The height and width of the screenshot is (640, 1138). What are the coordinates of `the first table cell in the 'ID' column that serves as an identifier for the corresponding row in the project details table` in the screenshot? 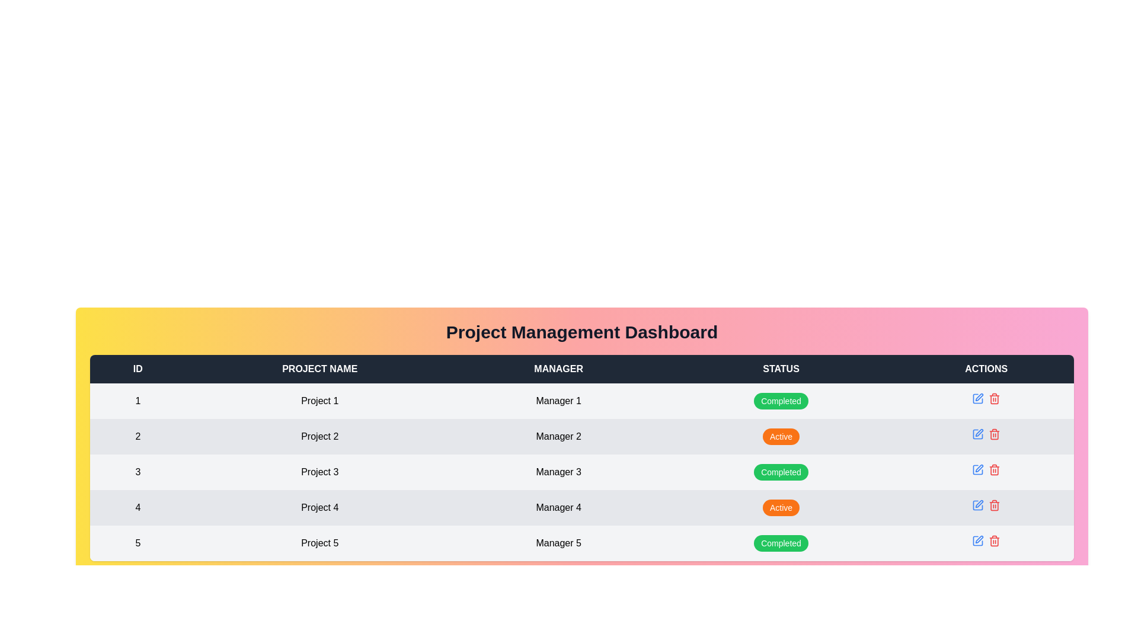 It's located at (138, 401).